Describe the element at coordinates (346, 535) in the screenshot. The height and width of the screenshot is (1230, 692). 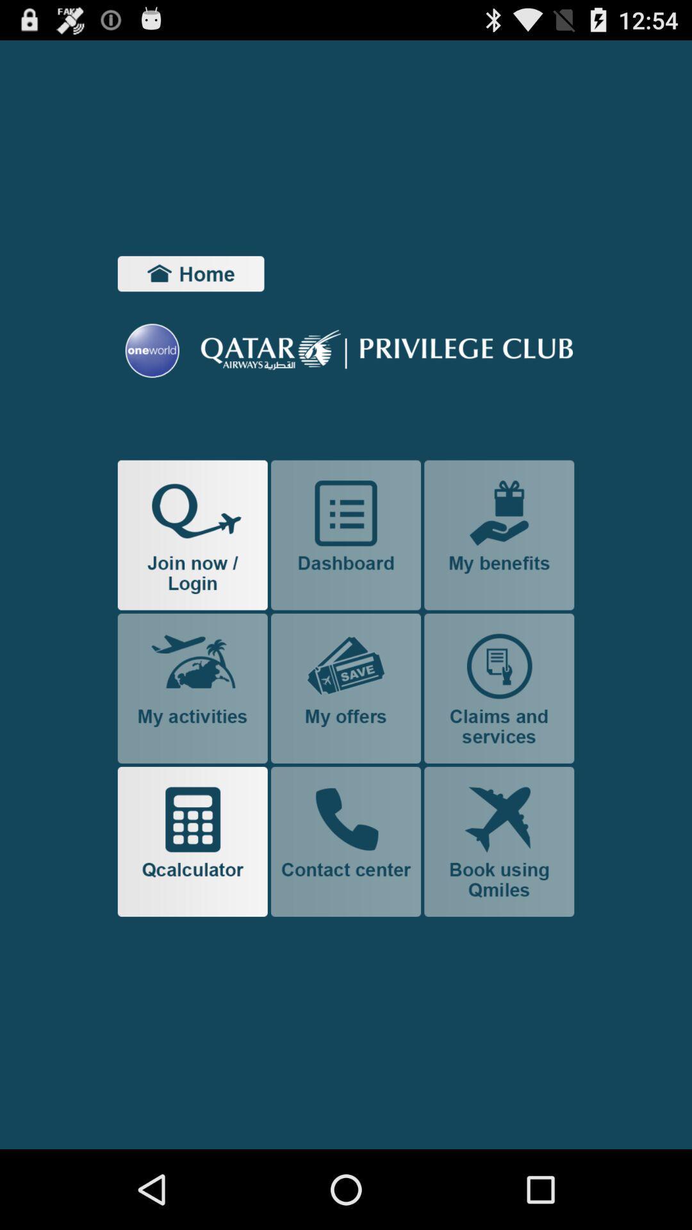
I see `dashboard option` at that location.